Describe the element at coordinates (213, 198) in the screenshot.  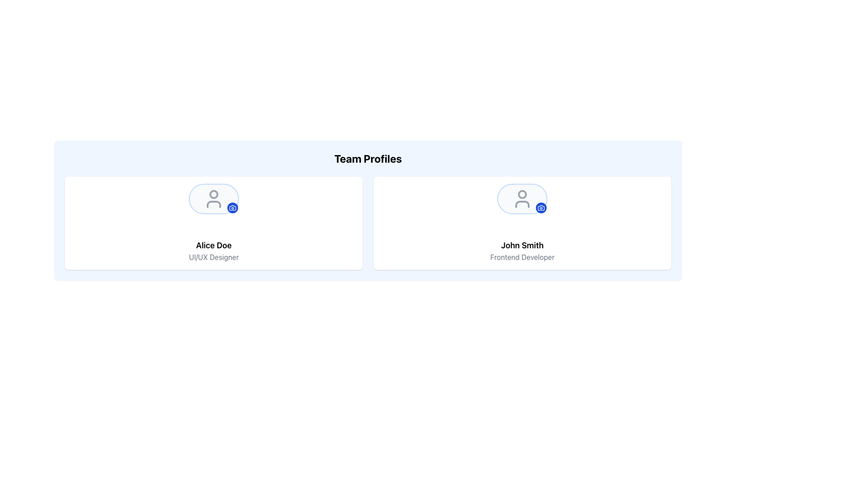
I see `the Avatar element with a blue border and a light gray background, featuring a user icon and a small blue button with a camera icon, located` at that location.